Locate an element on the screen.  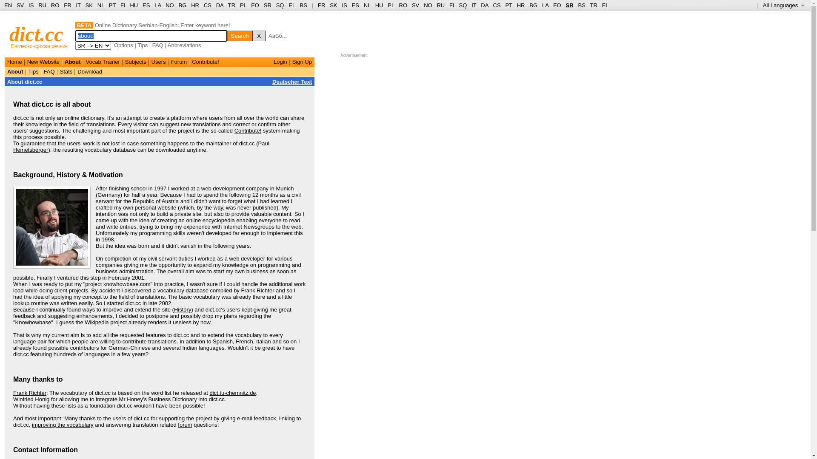
'FR' is located at coordinates (317, 5).